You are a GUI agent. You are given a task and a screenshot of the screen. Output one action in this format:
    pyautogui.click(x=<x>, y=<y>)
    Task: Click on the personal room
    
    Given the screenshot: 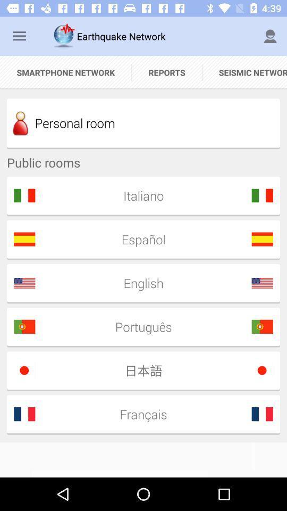 What is the action you would take?
    pyautogui.click(x=143, y=123)
    